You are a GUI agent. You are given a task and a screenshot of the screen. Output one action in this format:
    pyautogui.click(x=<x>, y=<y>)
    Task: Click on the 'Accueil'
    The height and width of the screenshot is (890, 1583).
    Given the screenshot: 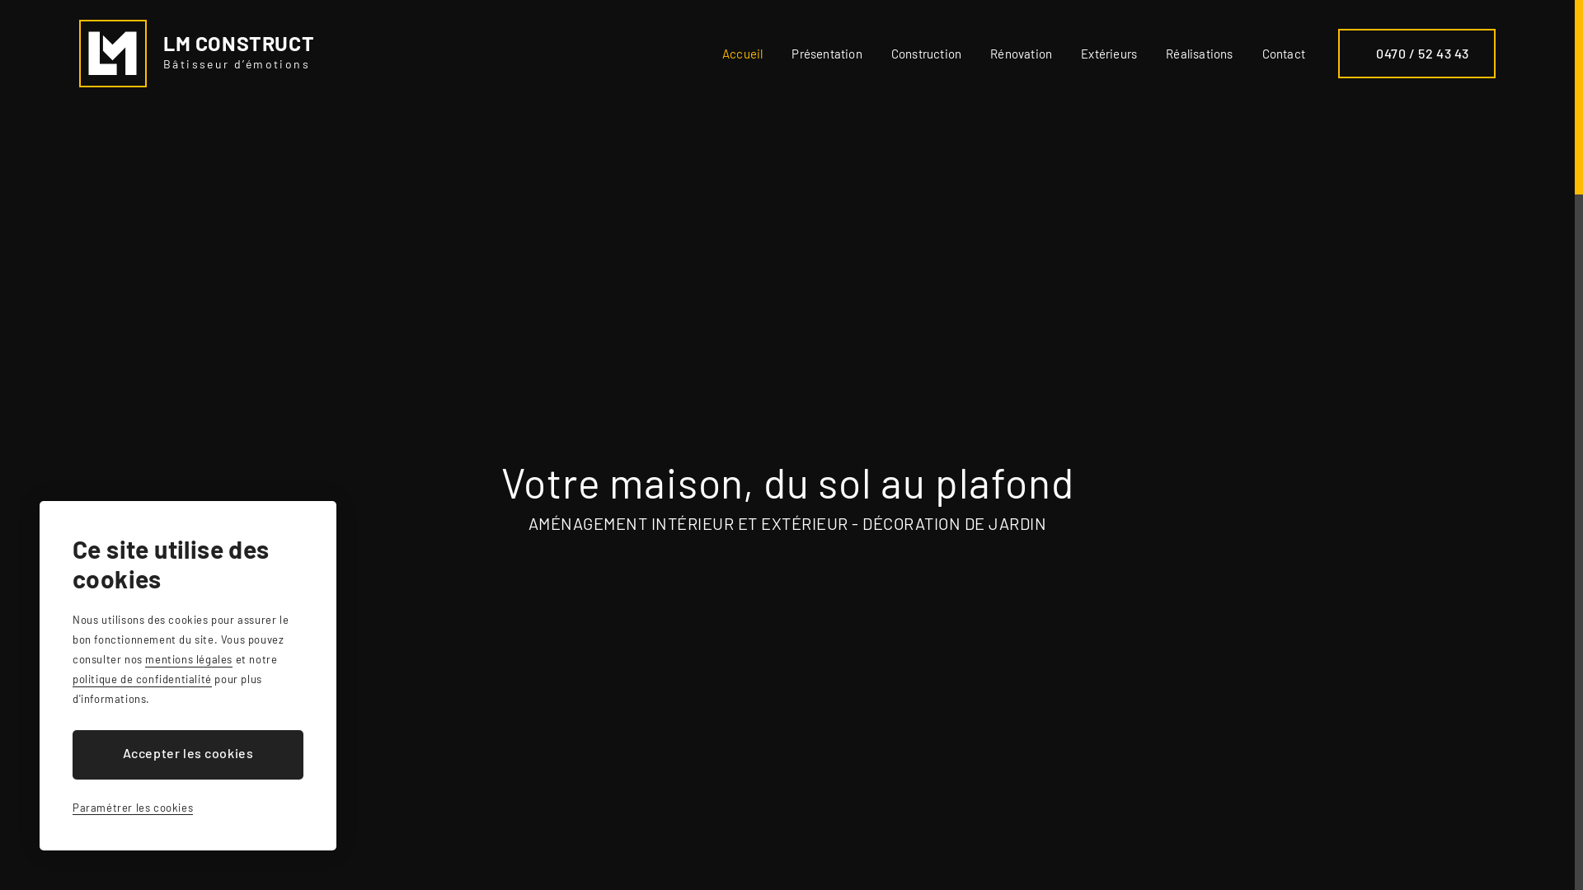 What is the action you would take?
    pyautogui.click(x=721, y=53)
    